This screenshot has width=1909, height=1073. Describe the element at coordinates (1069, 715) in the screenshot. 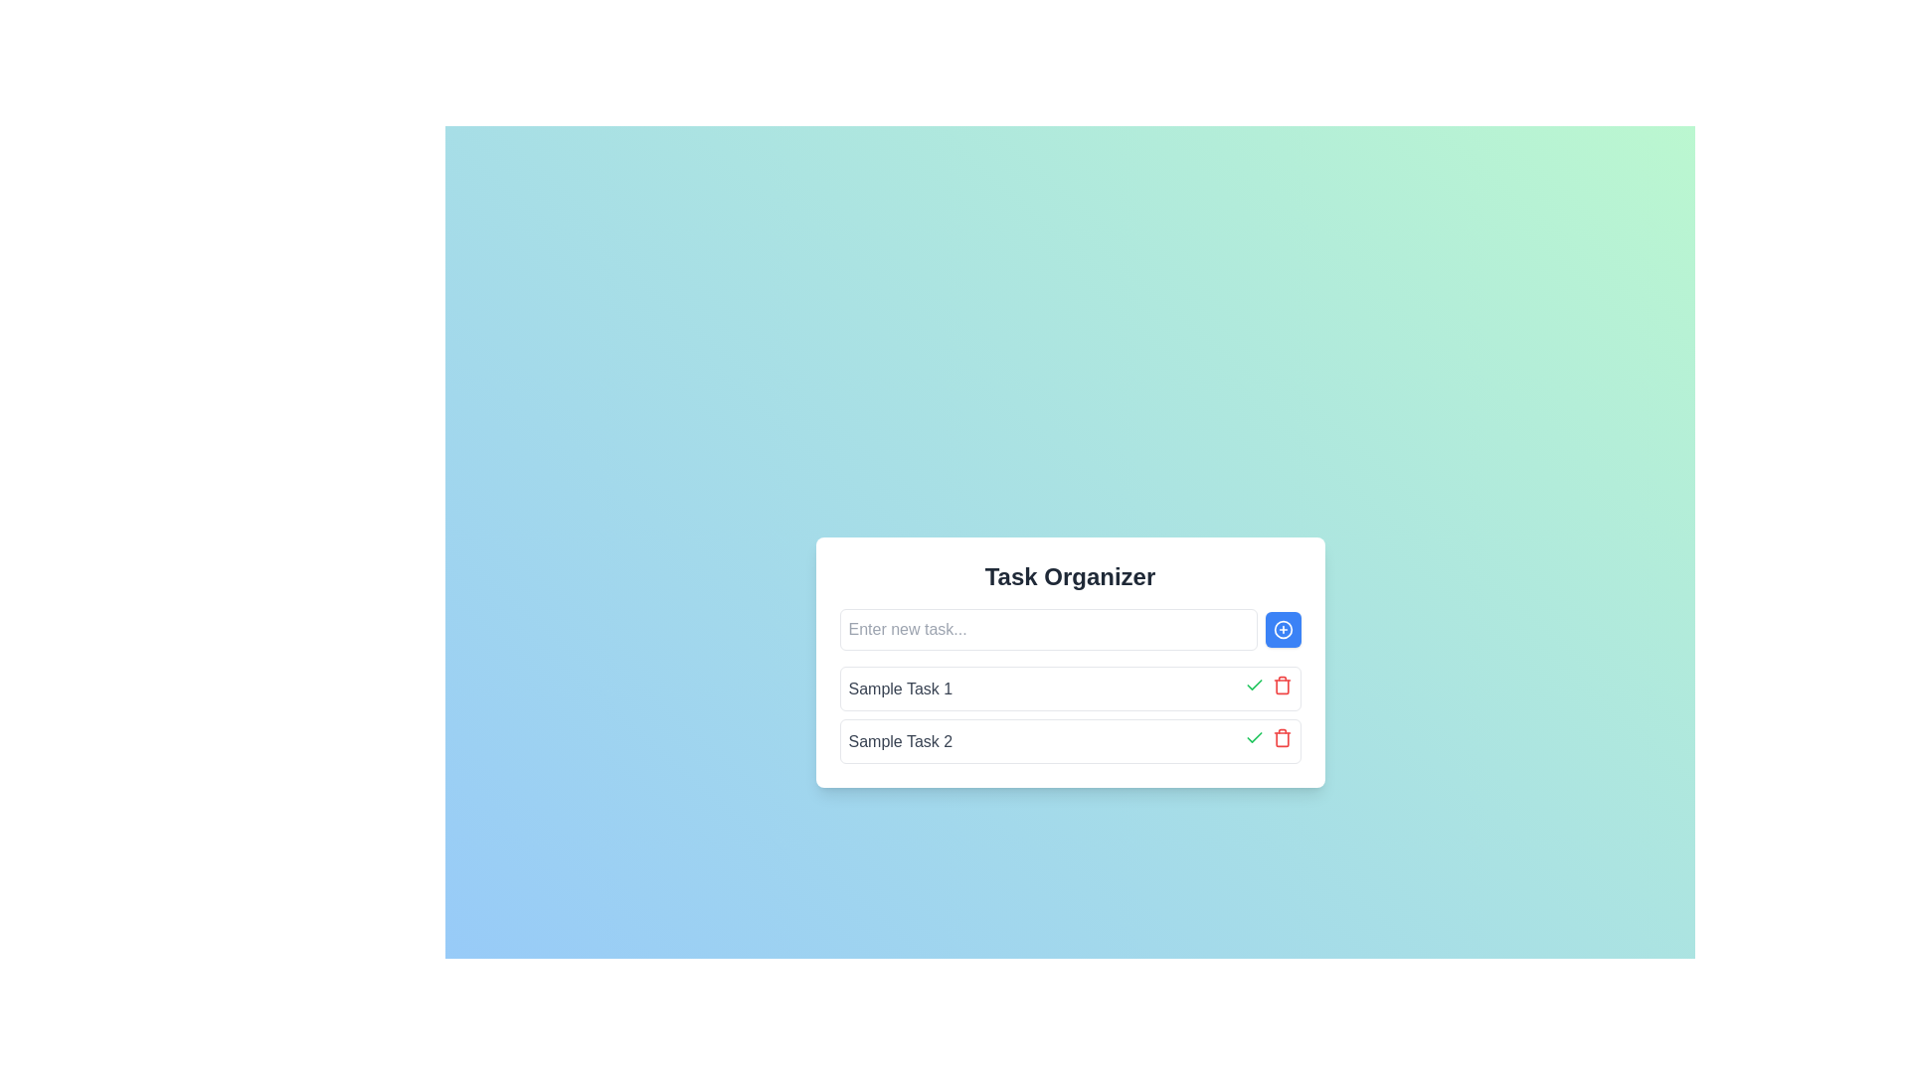

I see `task names from the List element displaying tasks located in the 'Task Organizer' panel, which contains items like 'Sample Task 1' and 'Sample Task 2'` at that location.